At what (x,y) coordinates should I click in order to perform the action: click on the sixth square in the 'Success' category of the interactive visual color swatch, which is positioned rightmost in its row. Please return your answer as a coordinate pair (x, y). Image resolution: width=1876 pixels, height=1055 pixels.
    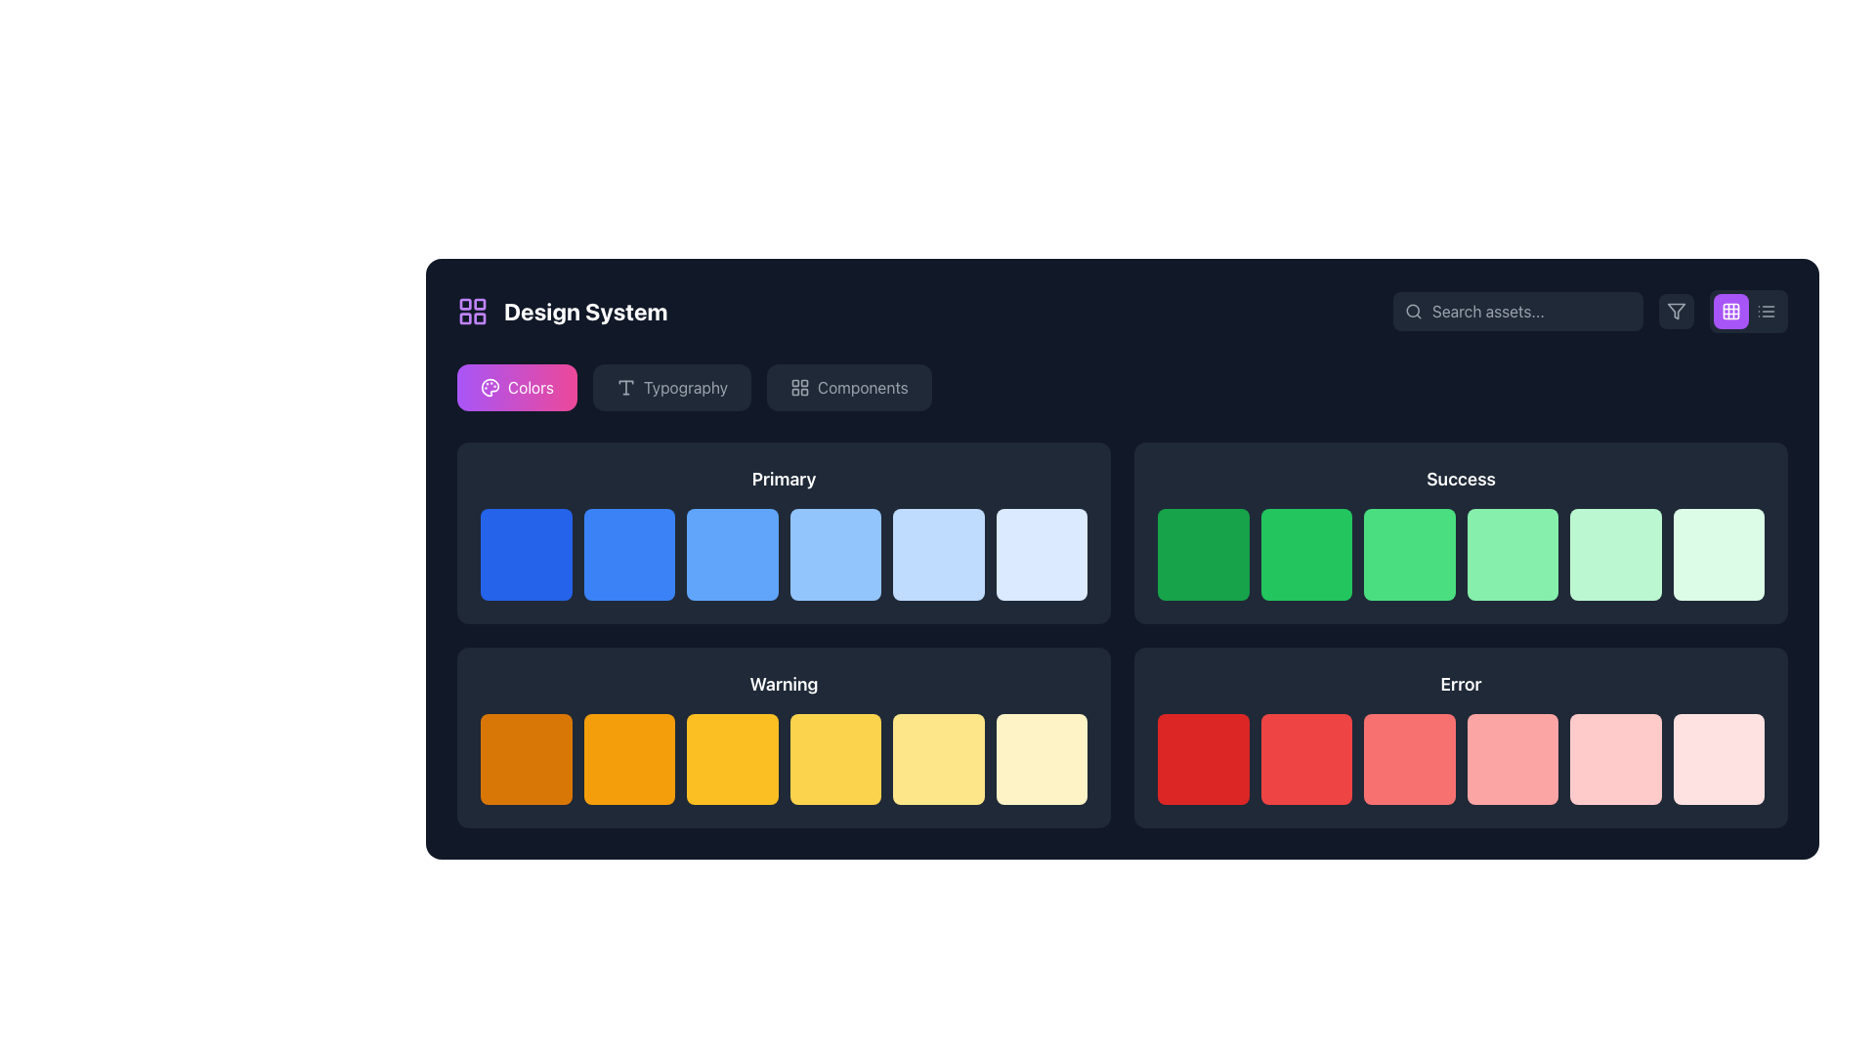
    Looking at the image, I should click on (1615, 554).